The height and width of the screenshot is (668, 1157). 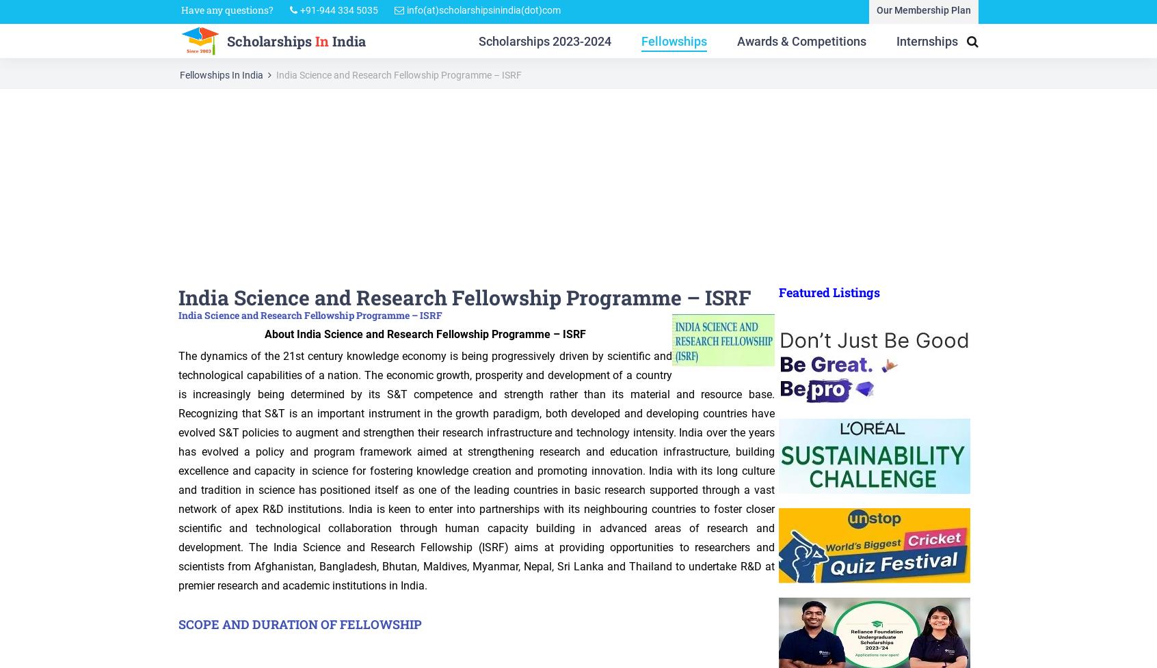 What do you see at coordinates (544, 44) in the screenshot?
I see `'Scholarships 2023-2024'` at bounding box center [544, 44].